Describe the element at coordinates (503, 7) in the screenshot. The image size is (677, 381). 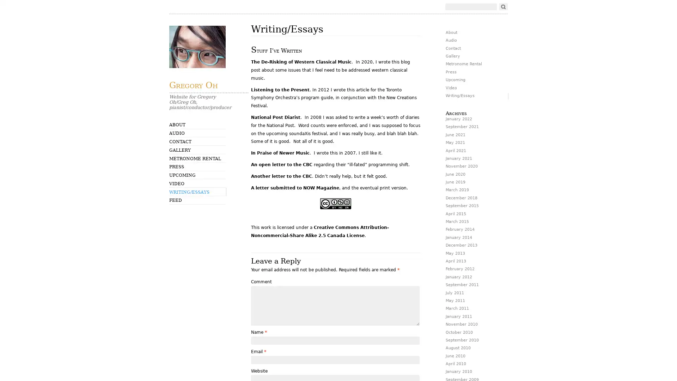
I see `Go` at that location.